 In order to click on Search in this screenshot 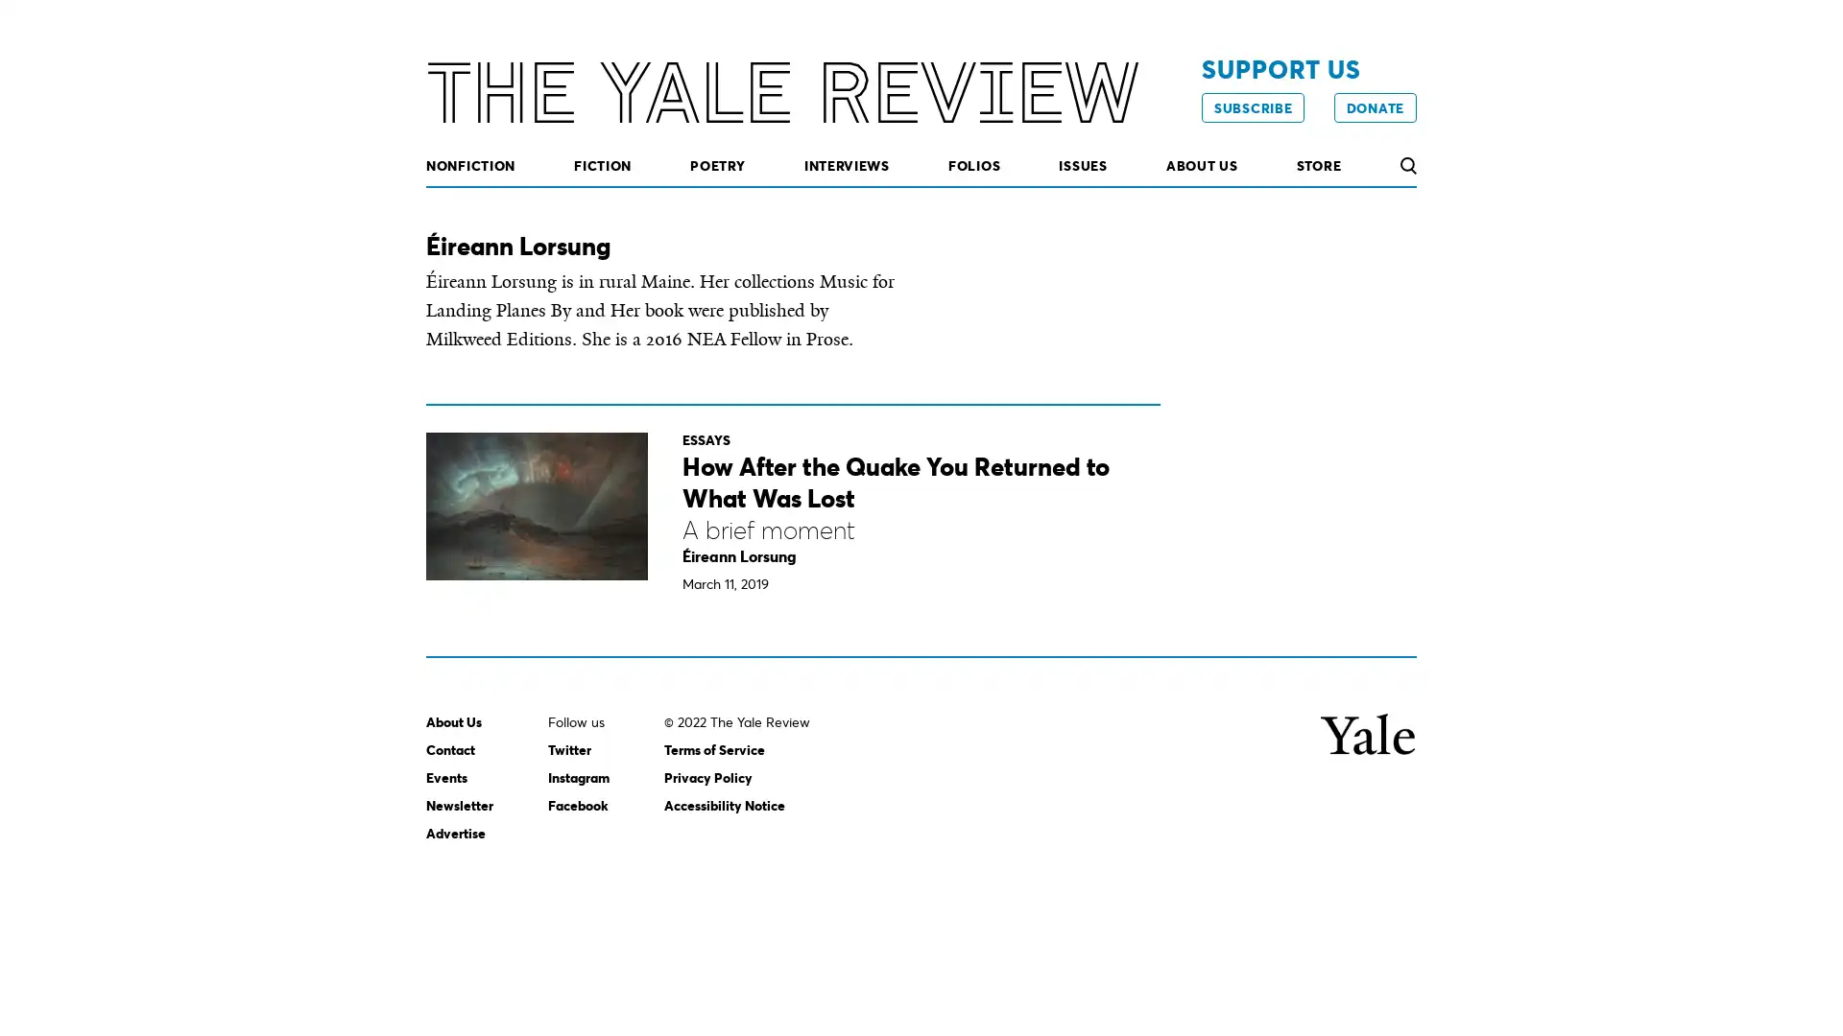, I will do `click(1407, 165)`.